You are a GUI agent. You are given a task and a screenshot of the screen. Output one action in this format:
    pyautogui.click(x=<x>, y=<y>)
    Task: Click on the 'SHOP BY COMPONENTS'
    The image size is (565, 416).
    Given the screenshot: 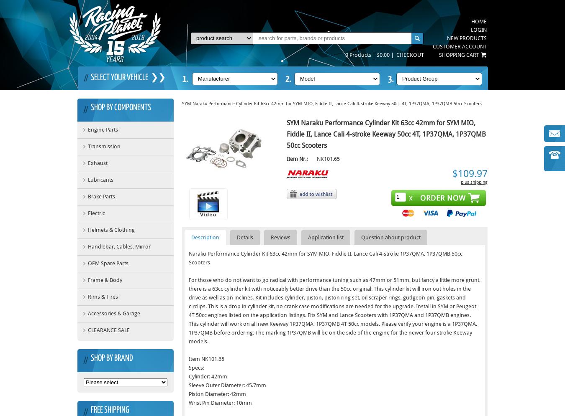 What is the action you would take?
    pyautogui.click(x=121, y=107)
    